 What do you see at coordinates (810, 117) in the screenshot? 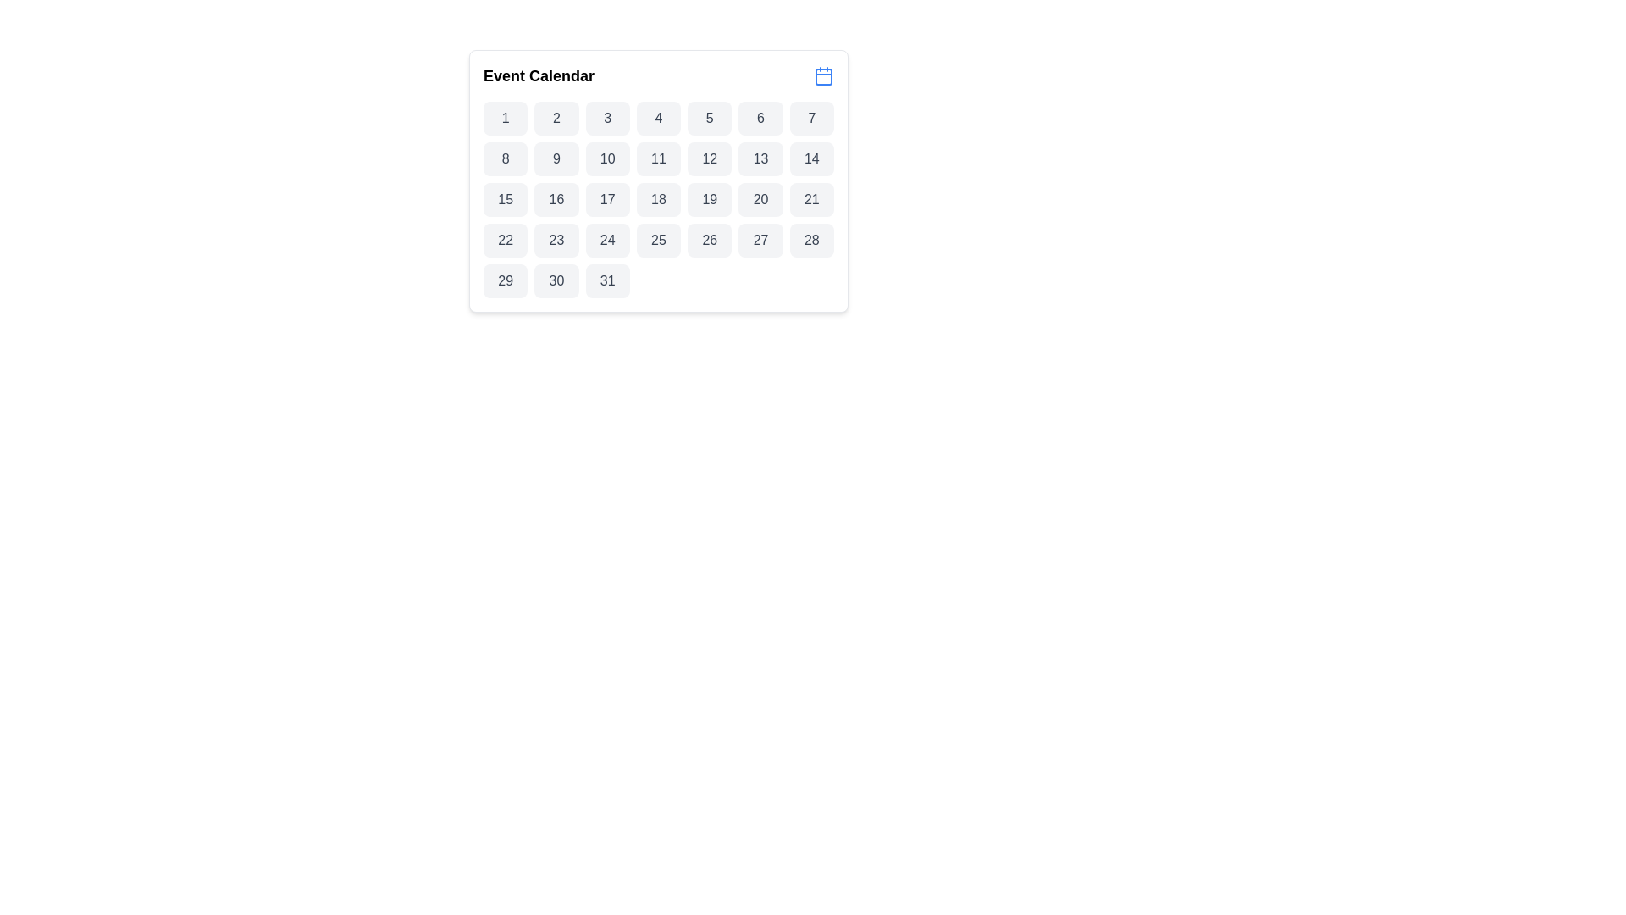
I see `the button labeled '7', which is a rectangular button with rounded corners` at bounding box center [810, 117].